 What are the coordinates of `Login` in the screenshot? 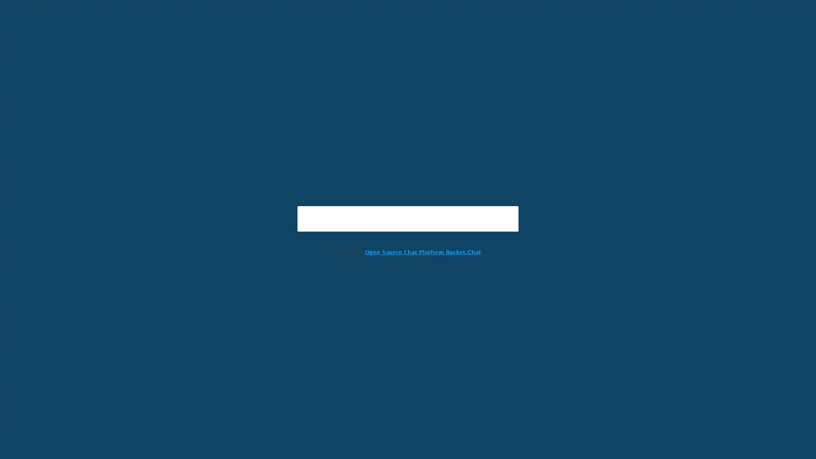 It's located at (408, 248).